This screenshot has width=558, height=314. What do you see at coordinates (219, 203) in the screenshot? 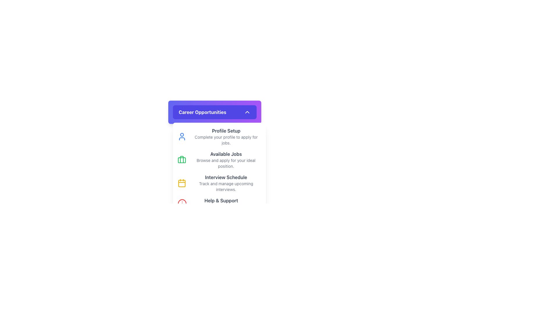
I see `the Text Display with Icon, which is the fourth item in the vertical list under 'Career Opportunities', located directly below 'Interview Schedule'` at bounding box center [219, 203].